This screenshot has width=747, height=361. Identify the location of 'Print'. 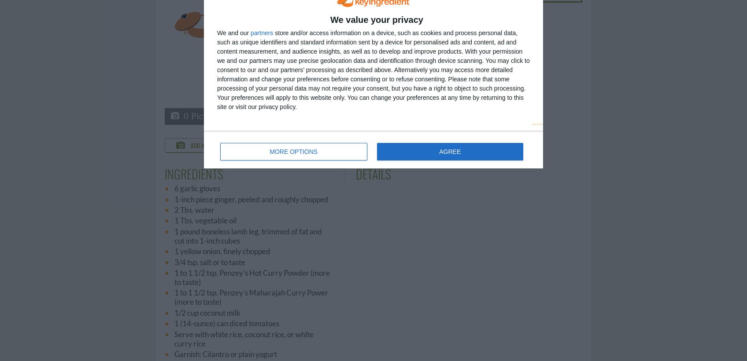
(402, 145).